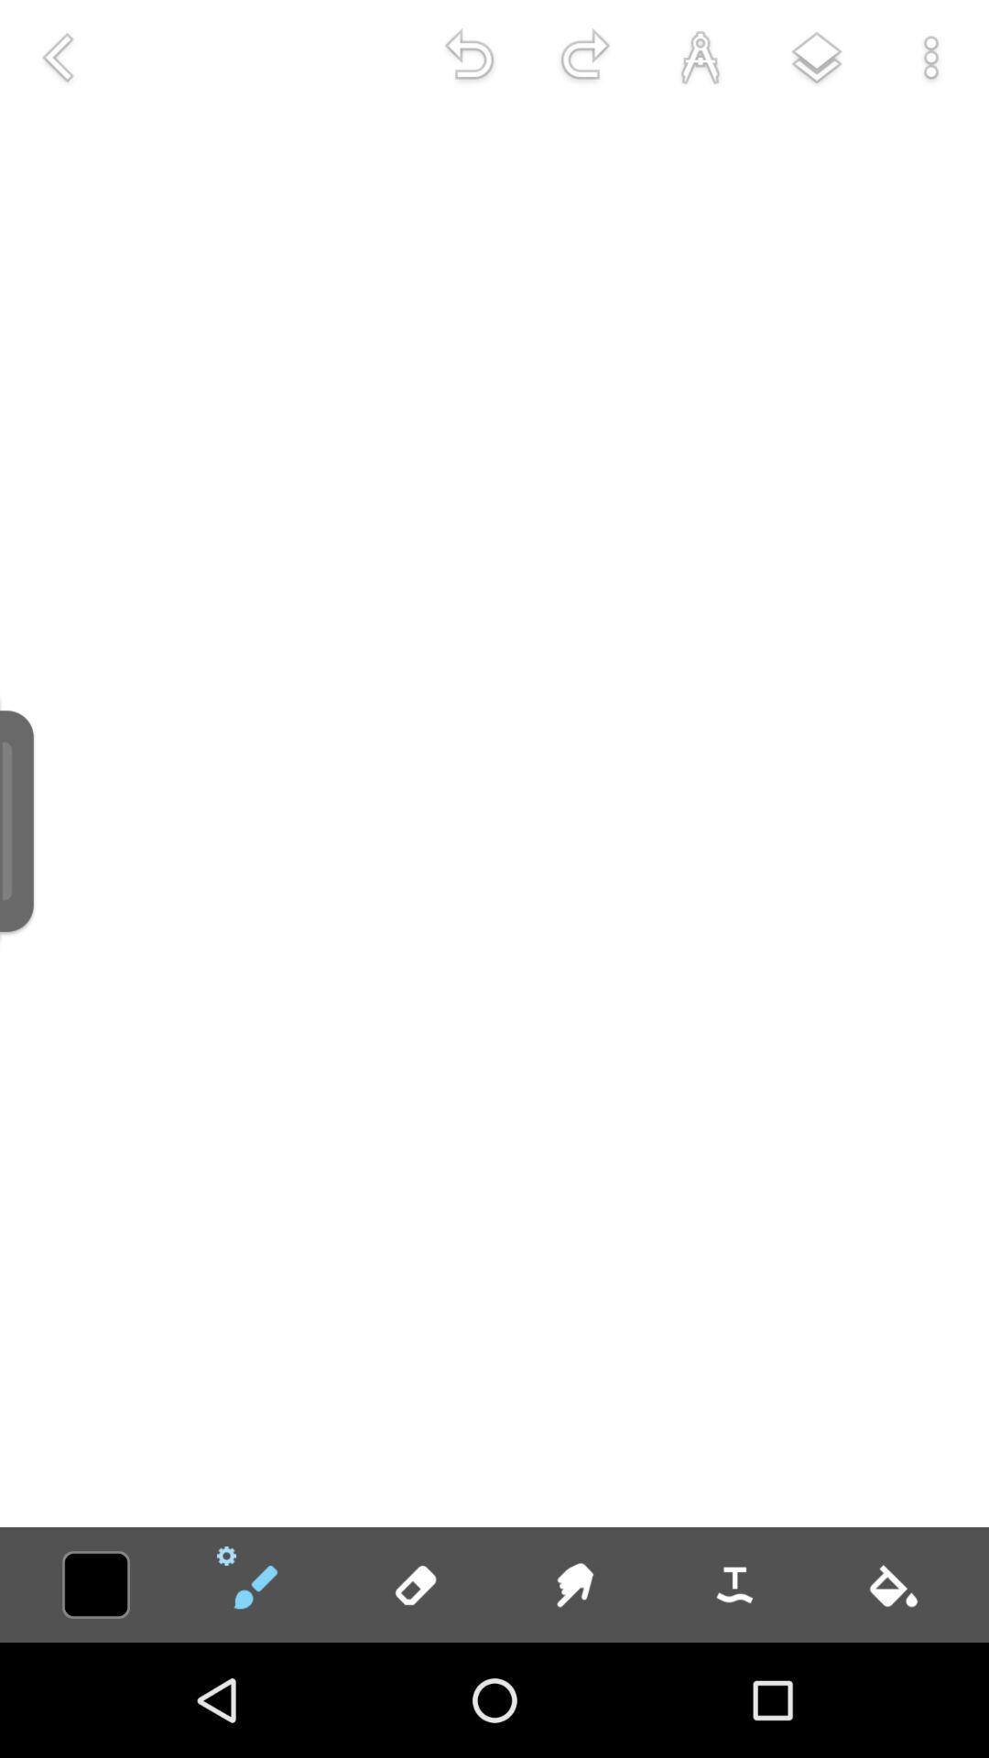 The width and height of the screenshot is (989, 1758). What do you see at coordinates (815, 57) in the screenshot?
I see `the layers icon` at bounding box center [815, 57].